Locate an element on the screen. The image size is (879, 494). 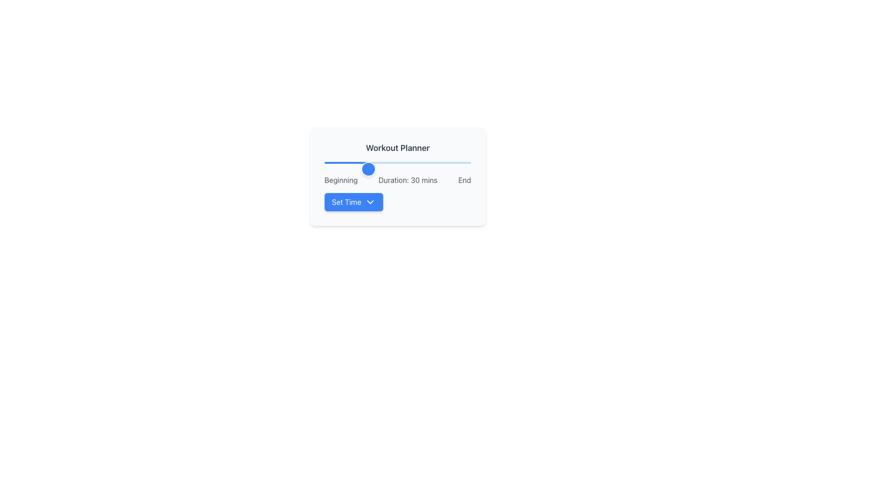
the static textual display that shows the starting point, duration, and end point of the planned activity in the 'Workout Planner' card to possibly reveal additional information is located at coordinates (397, 180).